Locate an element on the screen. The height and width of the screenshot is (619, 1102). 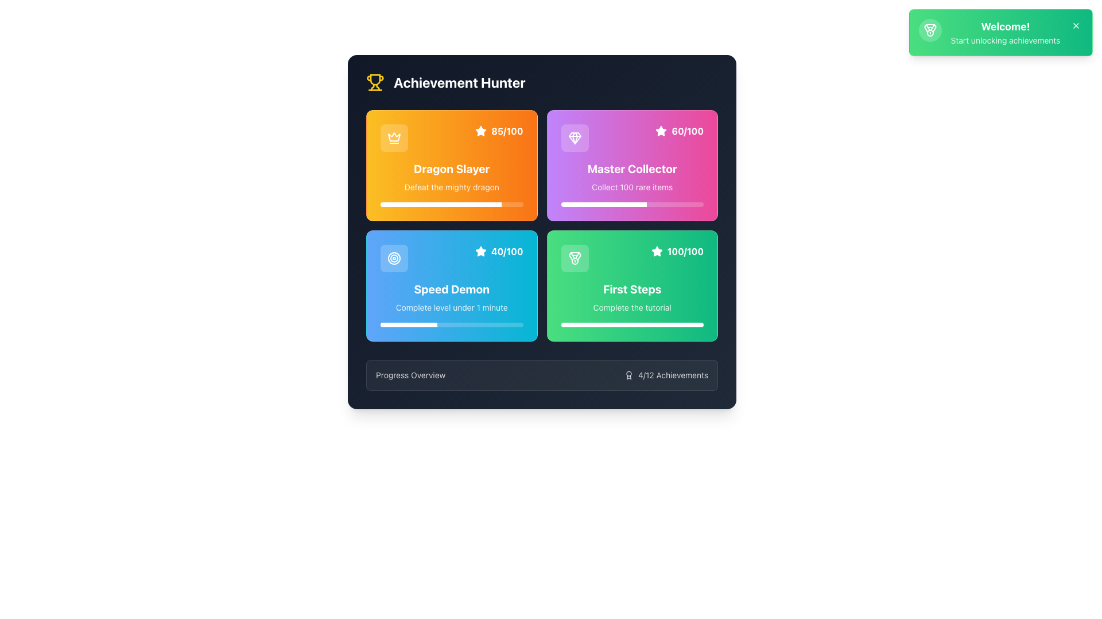
the visual feedback overlay located within the 'Speed Demon' card, which is in the first row and third position of the grid layout, identified by the title 'Speed Demon' and the score '40/100' is located at coordinates (451, 285).